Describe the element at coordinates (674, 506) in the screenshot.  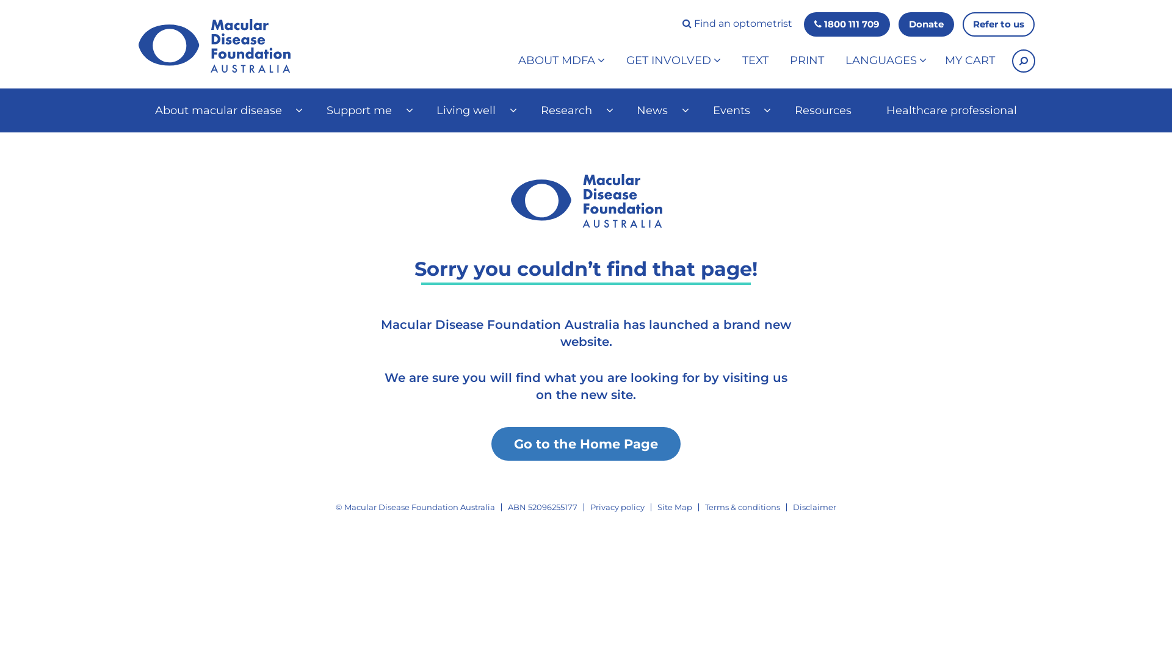
I see `'Site Map'` at that location.